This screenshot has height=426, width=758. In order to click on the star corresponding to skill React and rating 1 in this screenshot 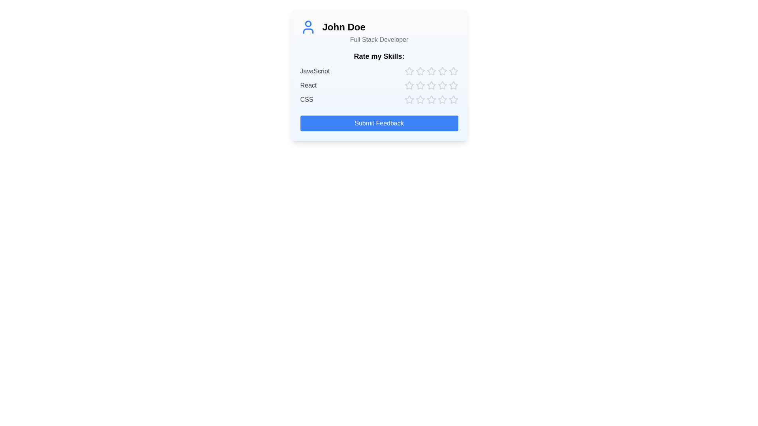, I will do `click(409, 85)`.